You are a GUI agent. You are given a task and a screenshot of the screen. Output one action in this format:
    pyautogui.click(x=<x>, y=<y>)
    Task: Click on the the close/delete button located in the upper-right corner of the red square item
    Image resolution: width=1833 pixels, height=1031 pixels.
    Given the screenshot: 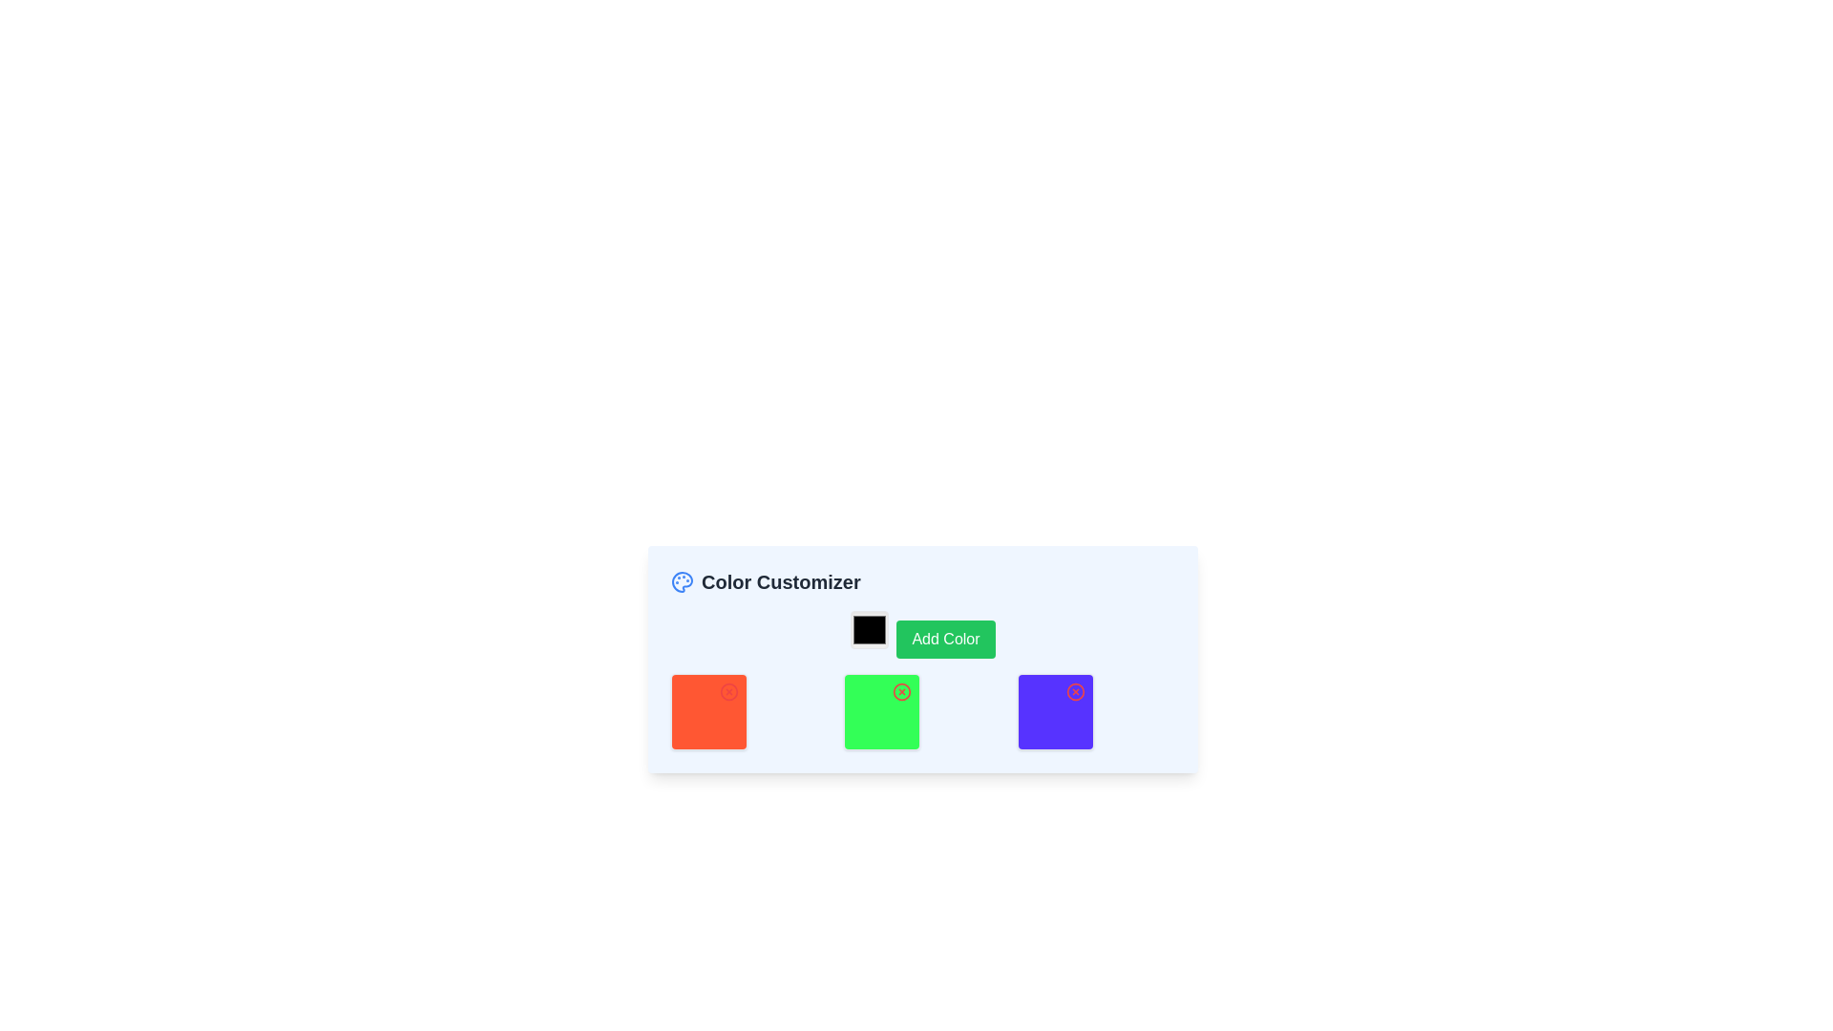 What is the action you would take?
    pyautogui.click(x=727, y=692)
    